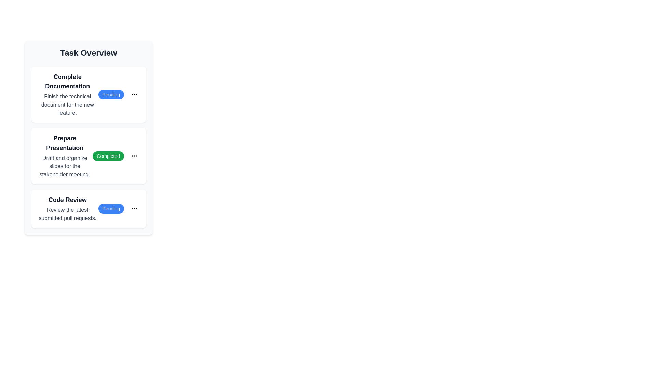 The height and width of the screenshot is (369, 656). I want to click on the ellipsis button for the task titled Prepare Presentation, so click(134, 156).